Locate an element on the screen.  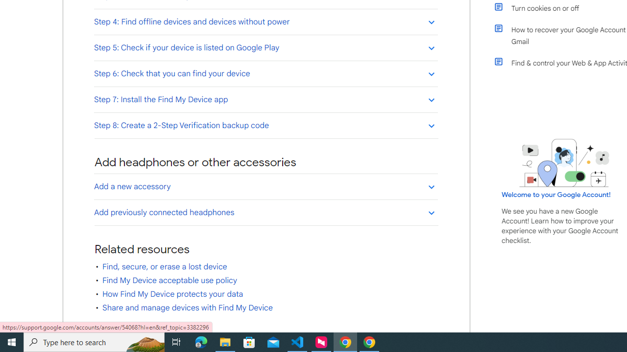
'Step 8: Create a 2-Step Verification backup code' is located at coordinates (265, 125).